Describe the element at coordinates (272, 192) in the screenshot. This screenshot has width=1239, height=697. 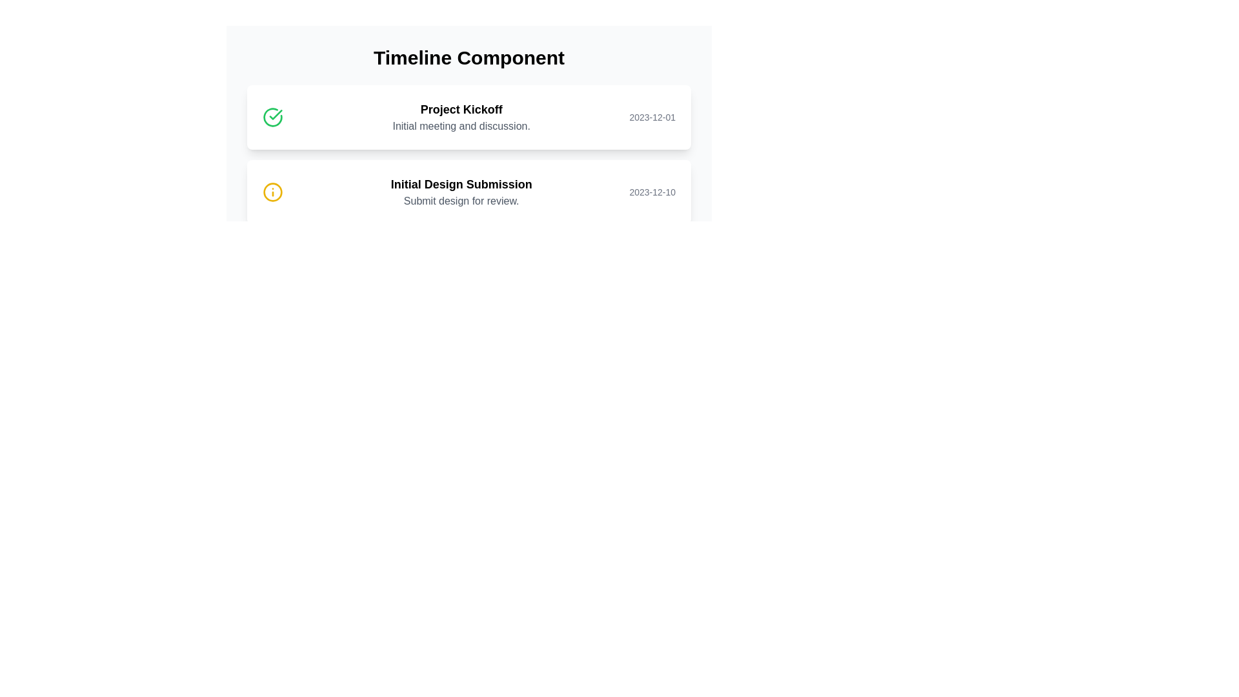
I see `the visual indicator icon located to the left of the text 'Initial Design Submission' within the task card labeled 'Initial Design Submission'` at that location.